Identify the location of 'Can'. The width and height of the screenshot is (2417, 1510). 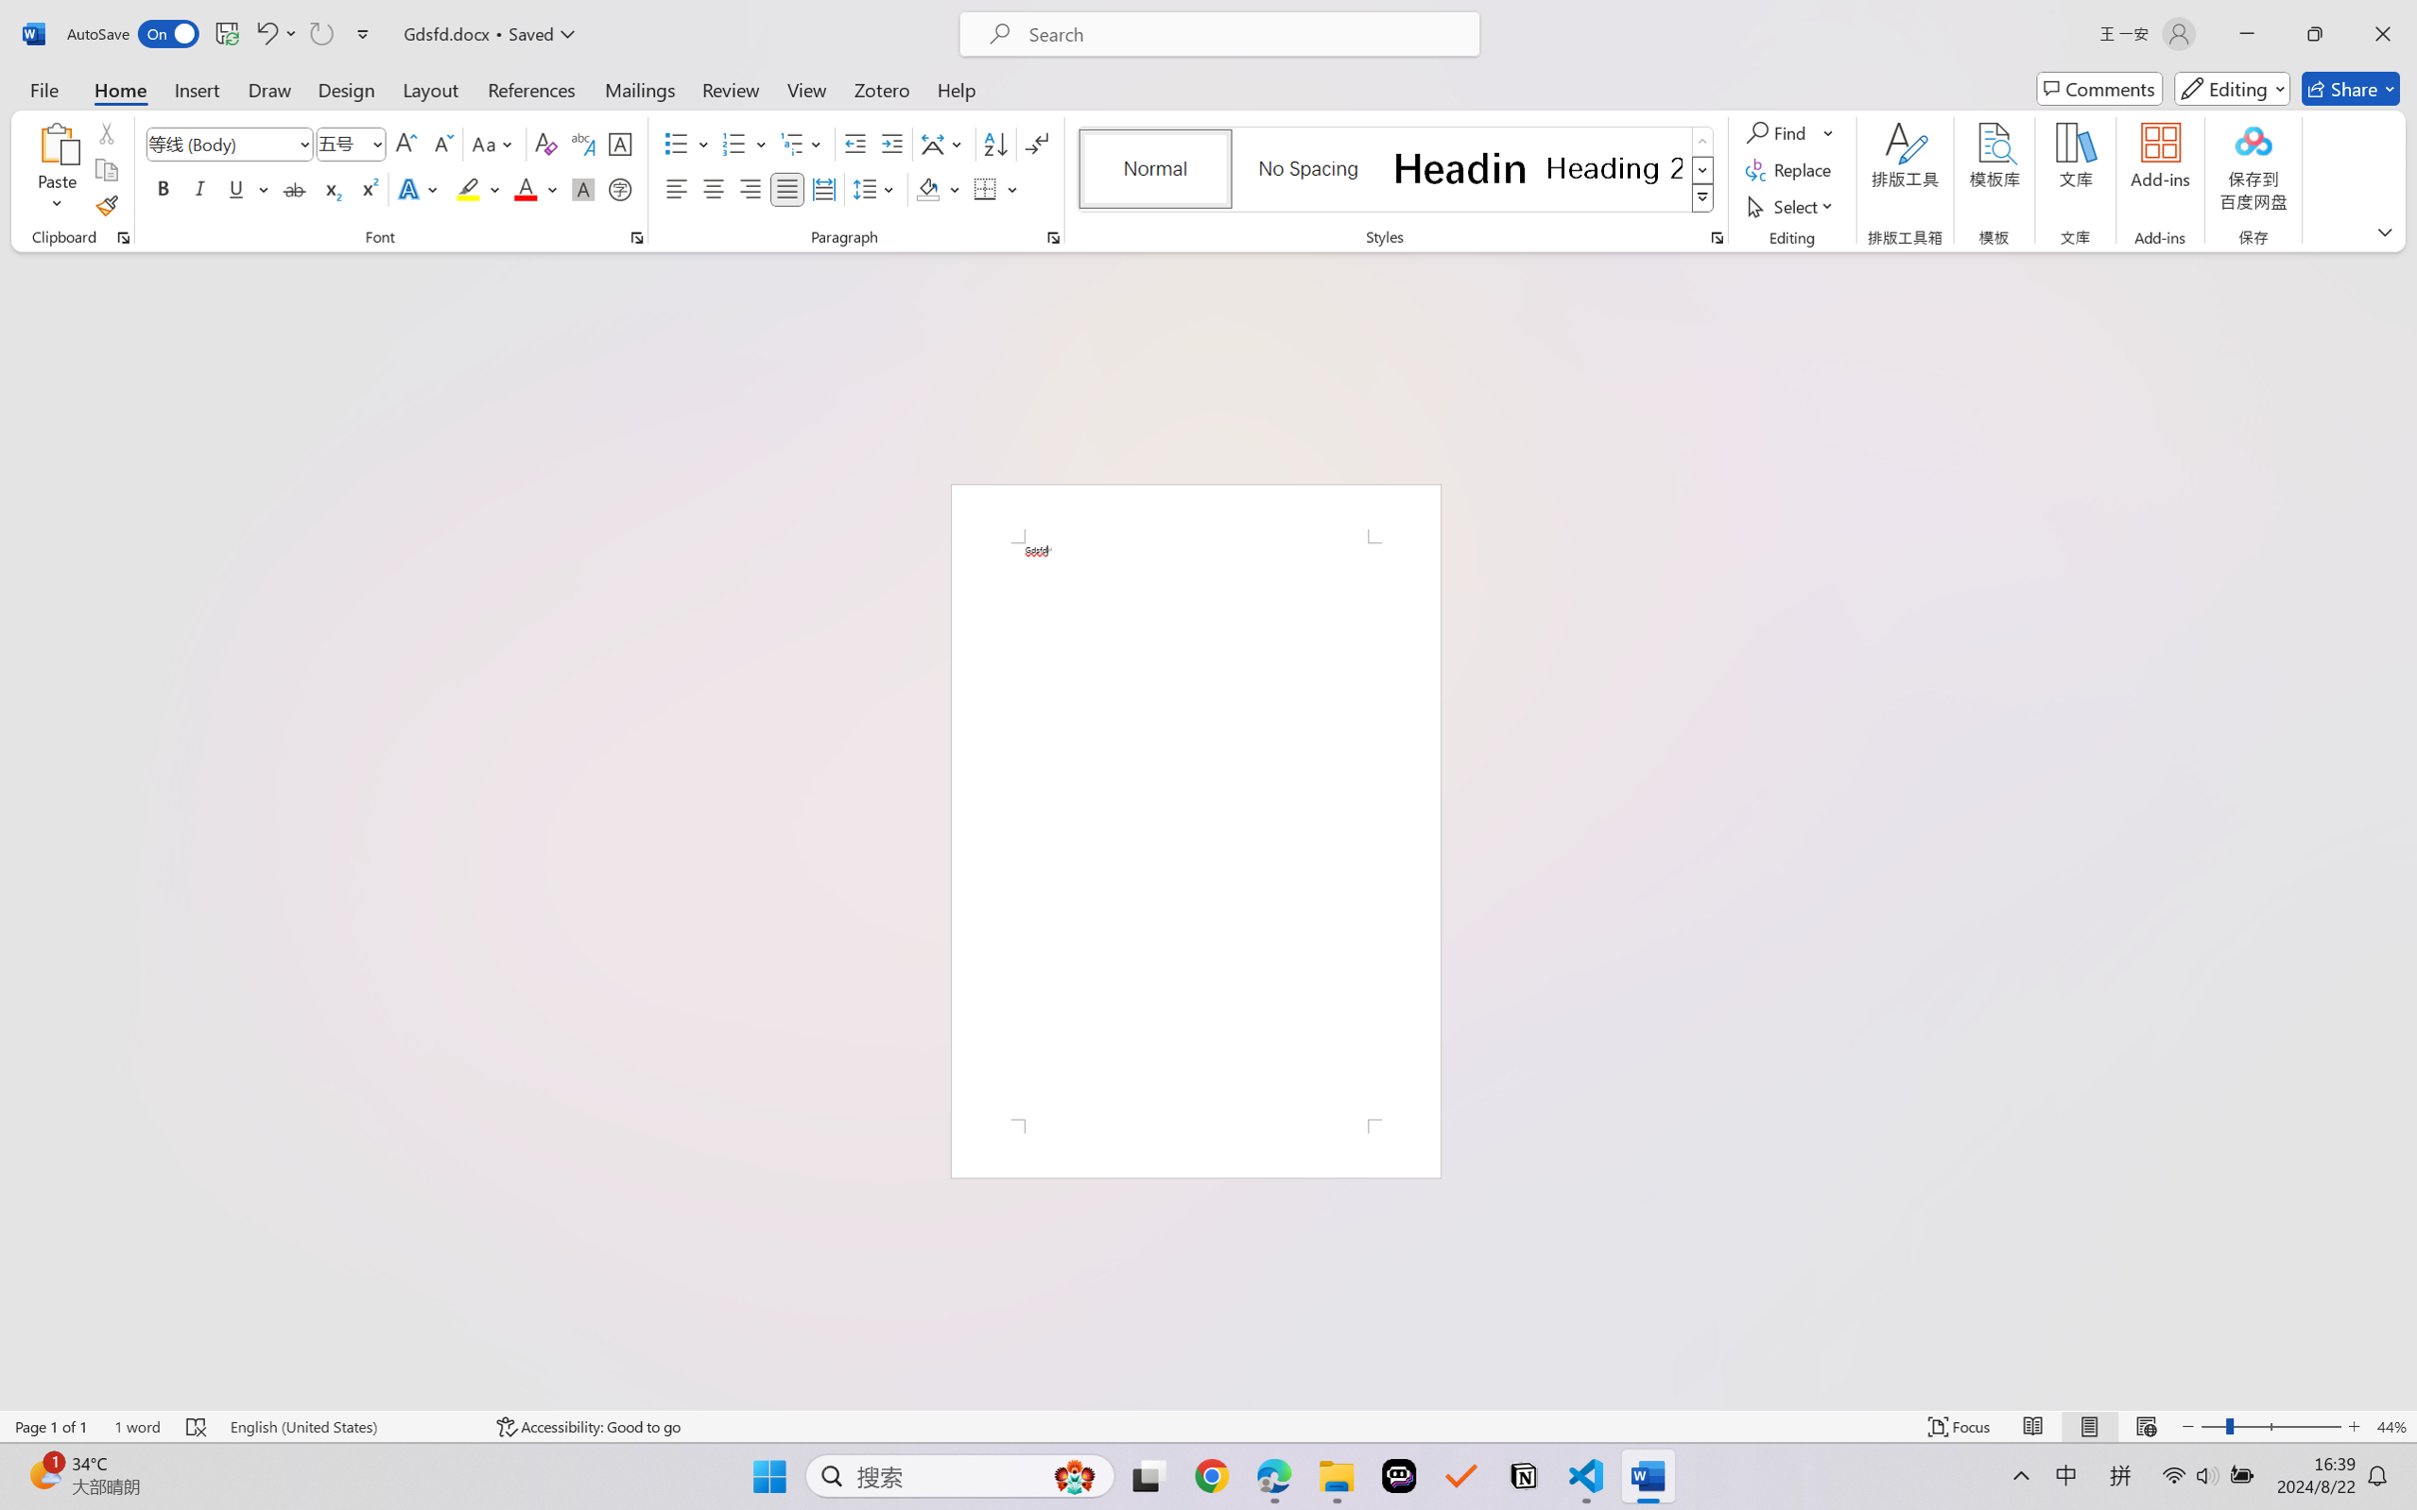
(320, 33).